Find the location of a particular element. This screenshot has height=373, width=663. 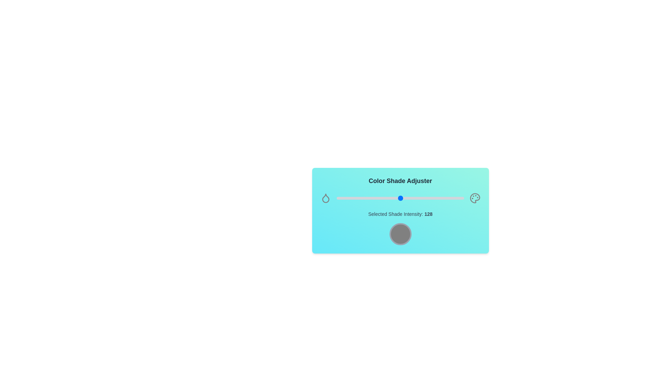

the shade intensity to 18 using the slider is located at coordinates (346, 198).